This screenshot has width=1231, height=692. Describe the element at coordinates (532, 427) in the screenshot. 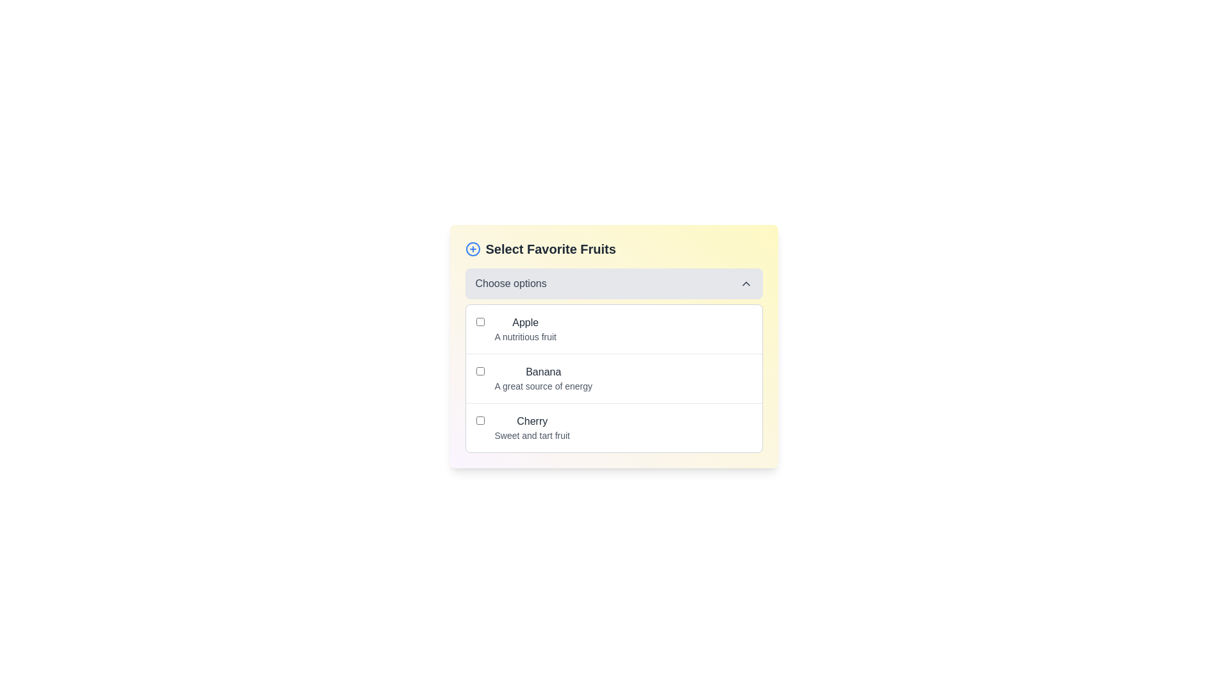

I see `the text label that conveys information about the fruit 'Cherry' in the dropdown panel labeled 'Select Favorite Fruits.'` at that location.